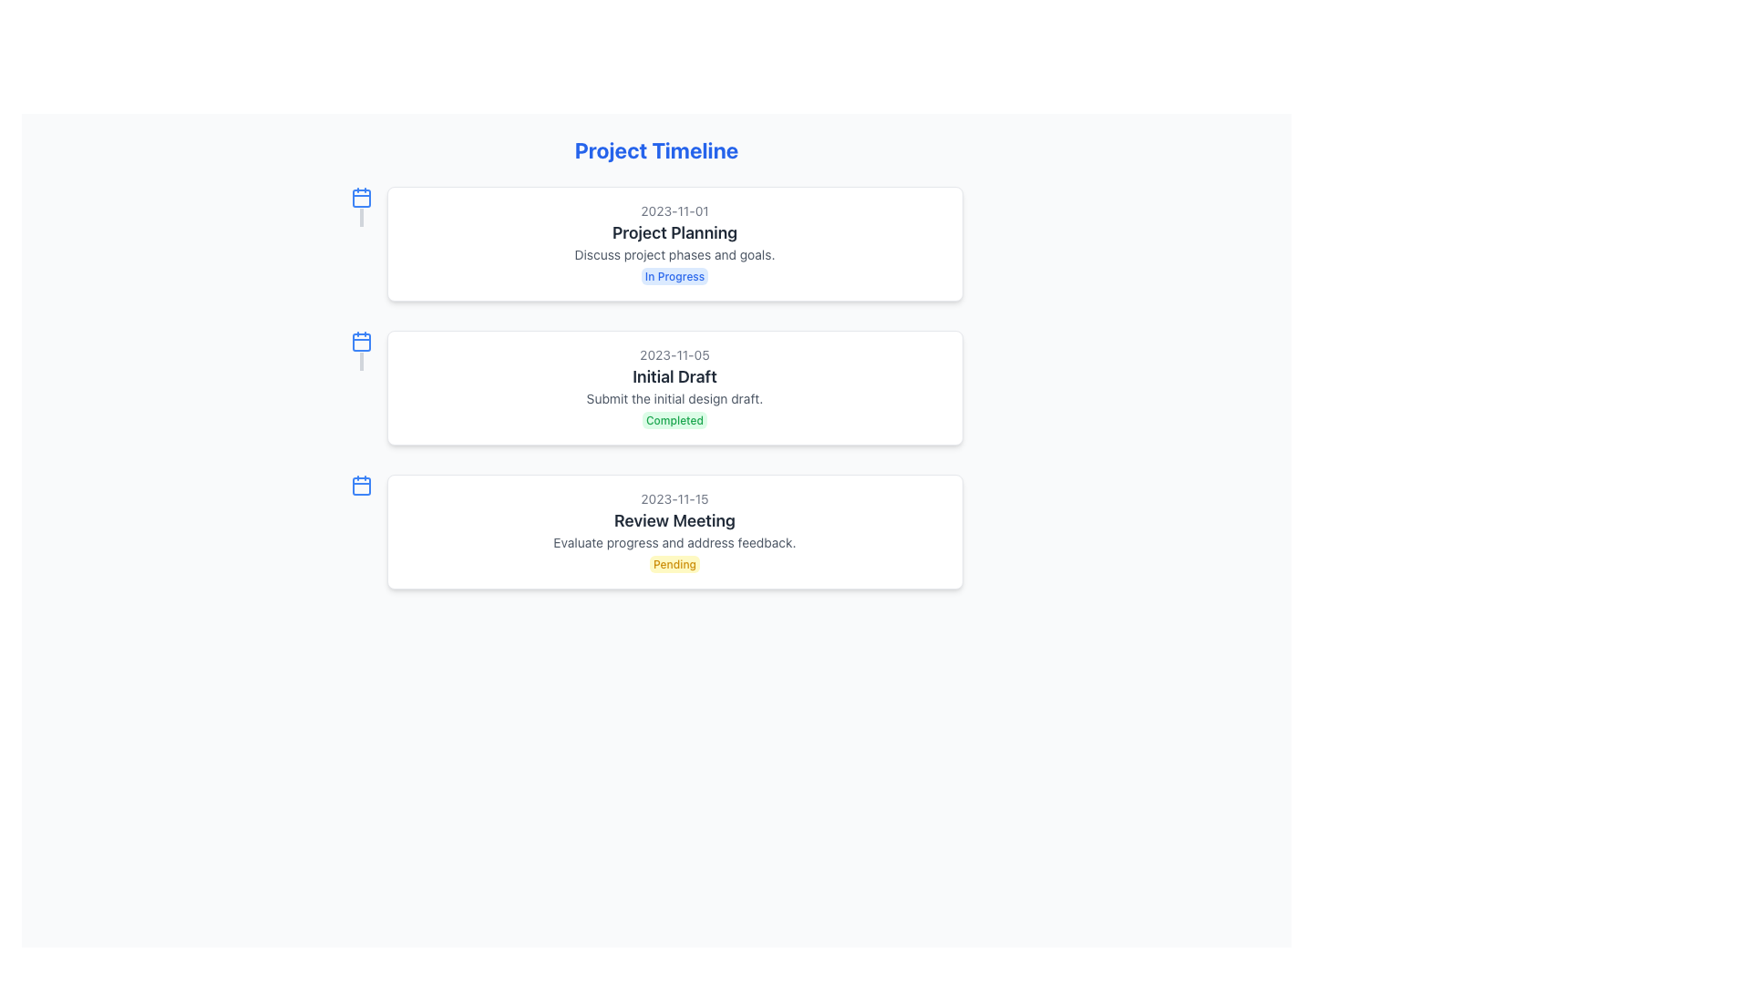 This screenshot has height=984, width=1750. What do you see at coordinates (361, 484) in the screenshot?
I see `the calendar icon indicating the 'Review Meeting' date, located on the left side of the 'Review Meeting' section, which is the third item in the vertical timeline` at bounding box center [361, 484].